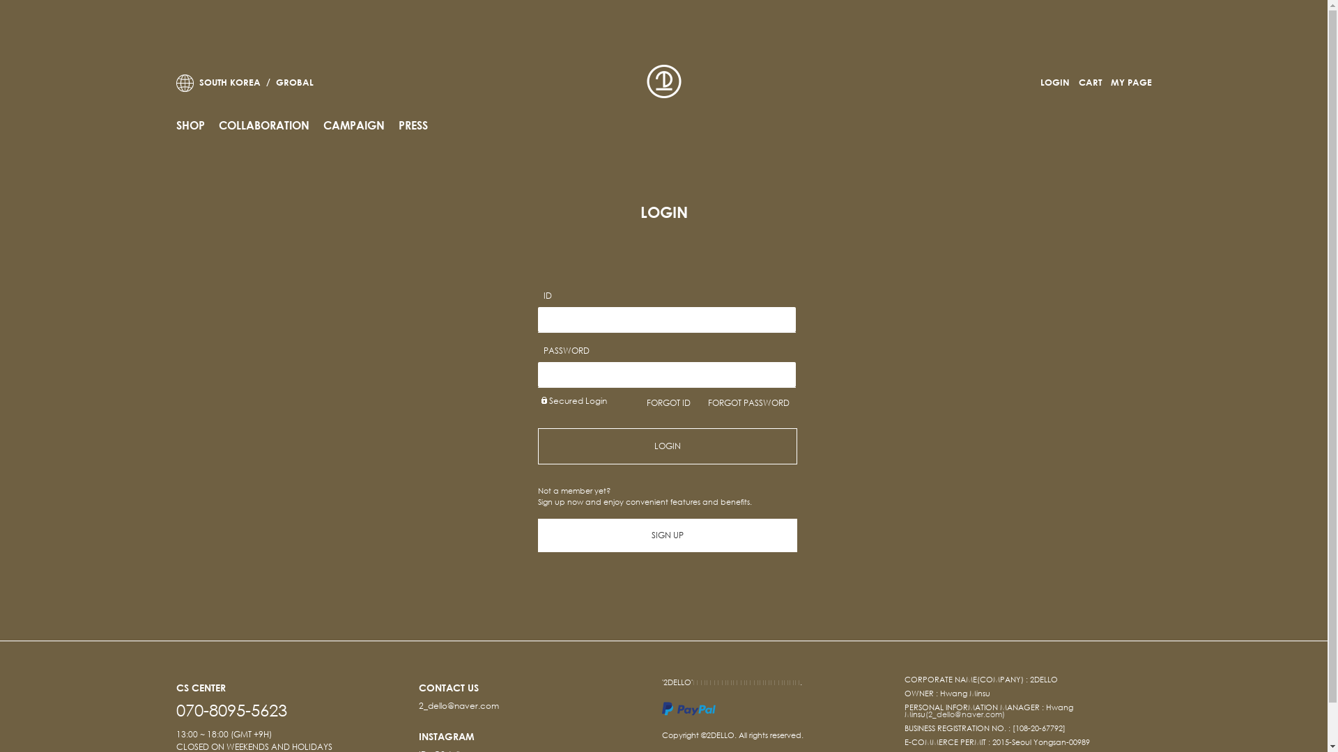  I want to click on '  SOUTH KOREA  /', so click(222, 82).